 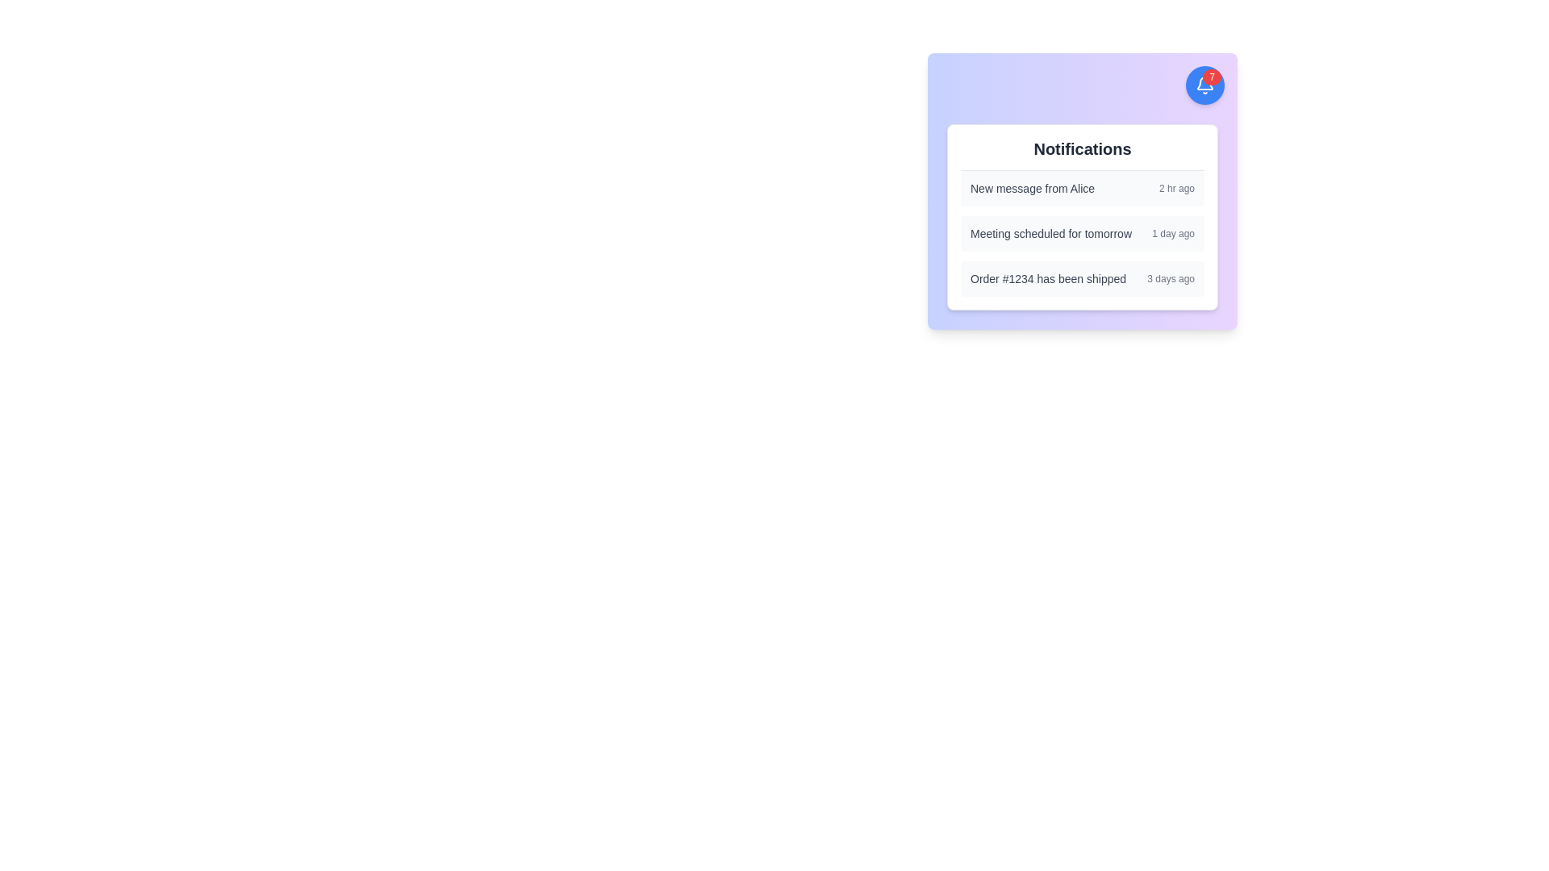 I want to click on the second notification item that contains the text 'Meeting scheduled for tomorrow' and has a light gray background, so click(x=1083, y=233).